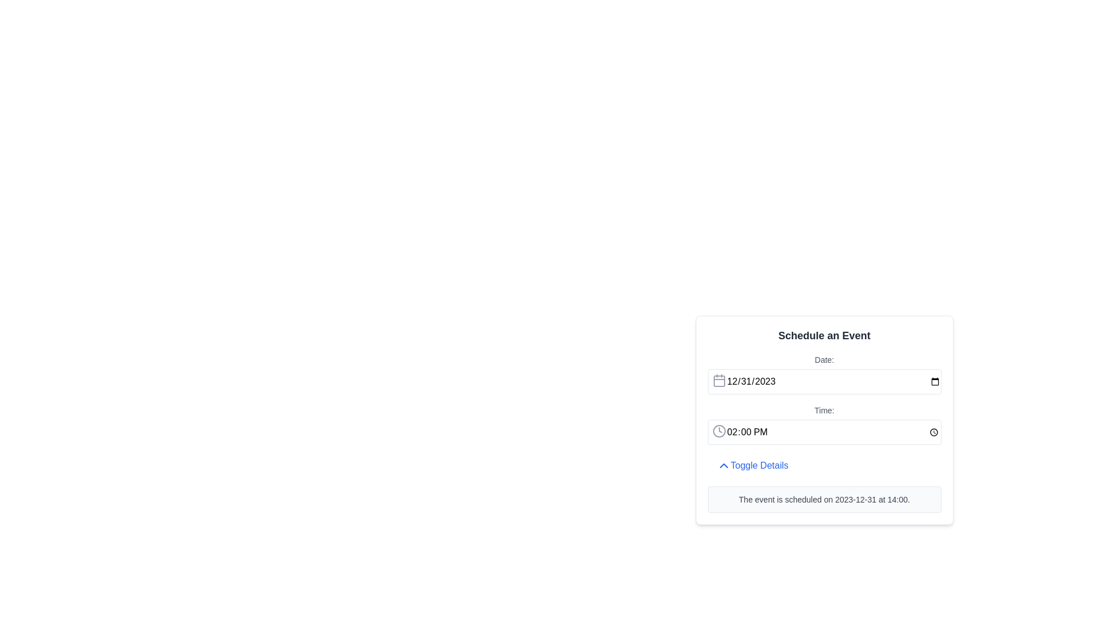 The width and height of the screenshot is (1105, 621). Describe the element at coordinates (824, 424) in the screenshot. I see `the time input field labeled 'Time:' within the 'Schedule an Event' form to type or edit the time` at that location.